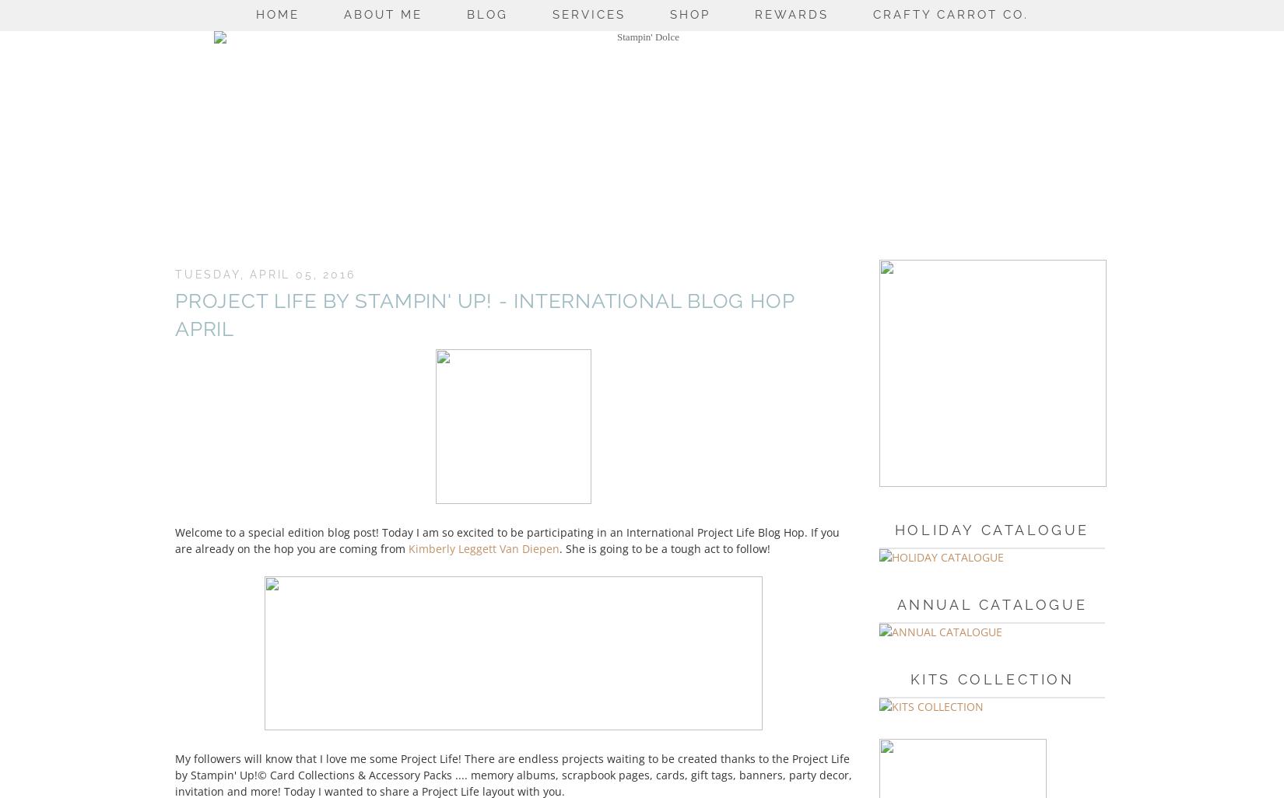 The image size is (1284, 798). Describe the element at coordinates (175, 540) in the screenshot. I see `'Welcome to a special edition blog post! Today I am so excited to be participating in an International Project Life Blog Hop. If you are already on the hop you are coming from'` at that location.